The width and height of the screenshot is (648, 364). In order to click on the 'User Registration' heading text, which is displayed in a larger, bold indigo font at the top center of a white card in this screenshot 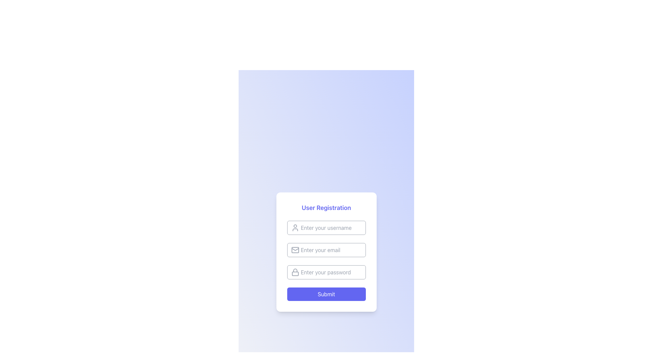, I will do `click(326, 208)`.